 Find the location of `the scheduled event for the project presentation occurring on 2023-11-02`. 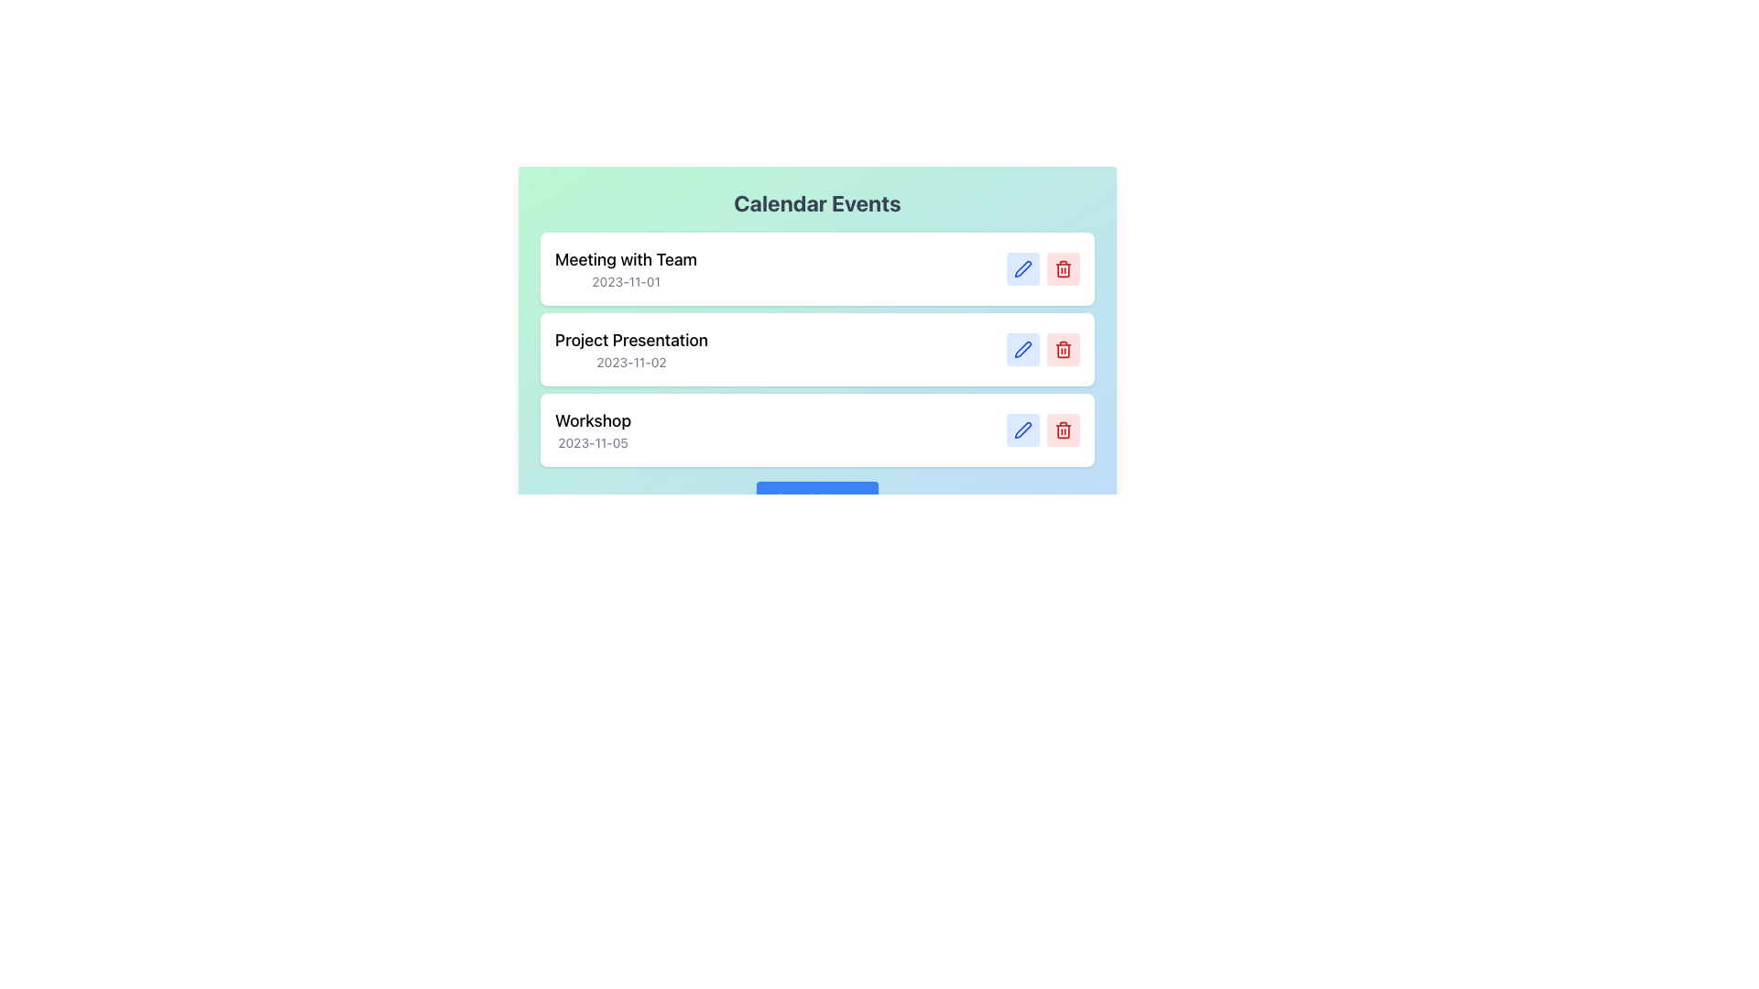

the scheduled event for the project presentation occurring on 2023-11-02 is located at coordinates (816, 349).